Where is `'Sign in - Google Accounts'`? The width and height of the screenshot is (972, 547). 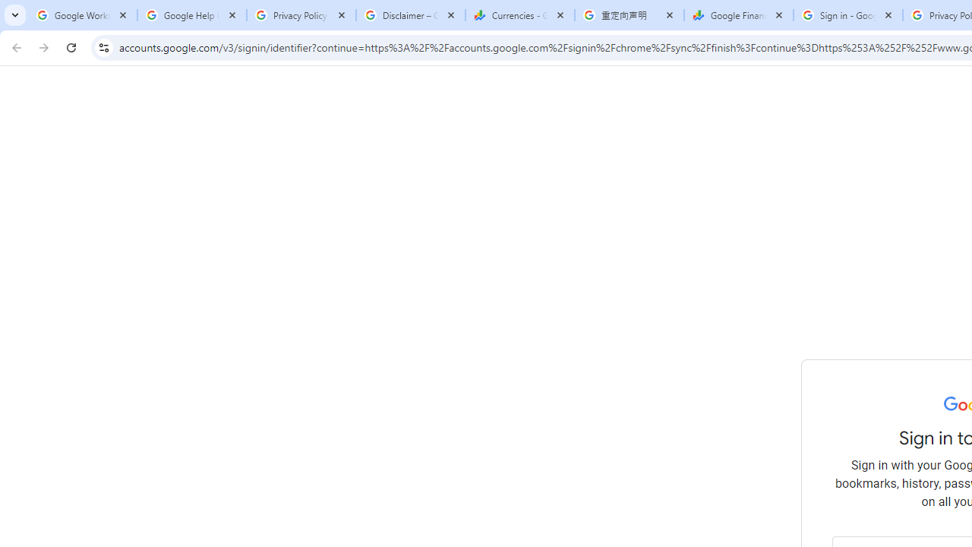 'Sign in - Google Accounts' is located at coordinates (847, 15).